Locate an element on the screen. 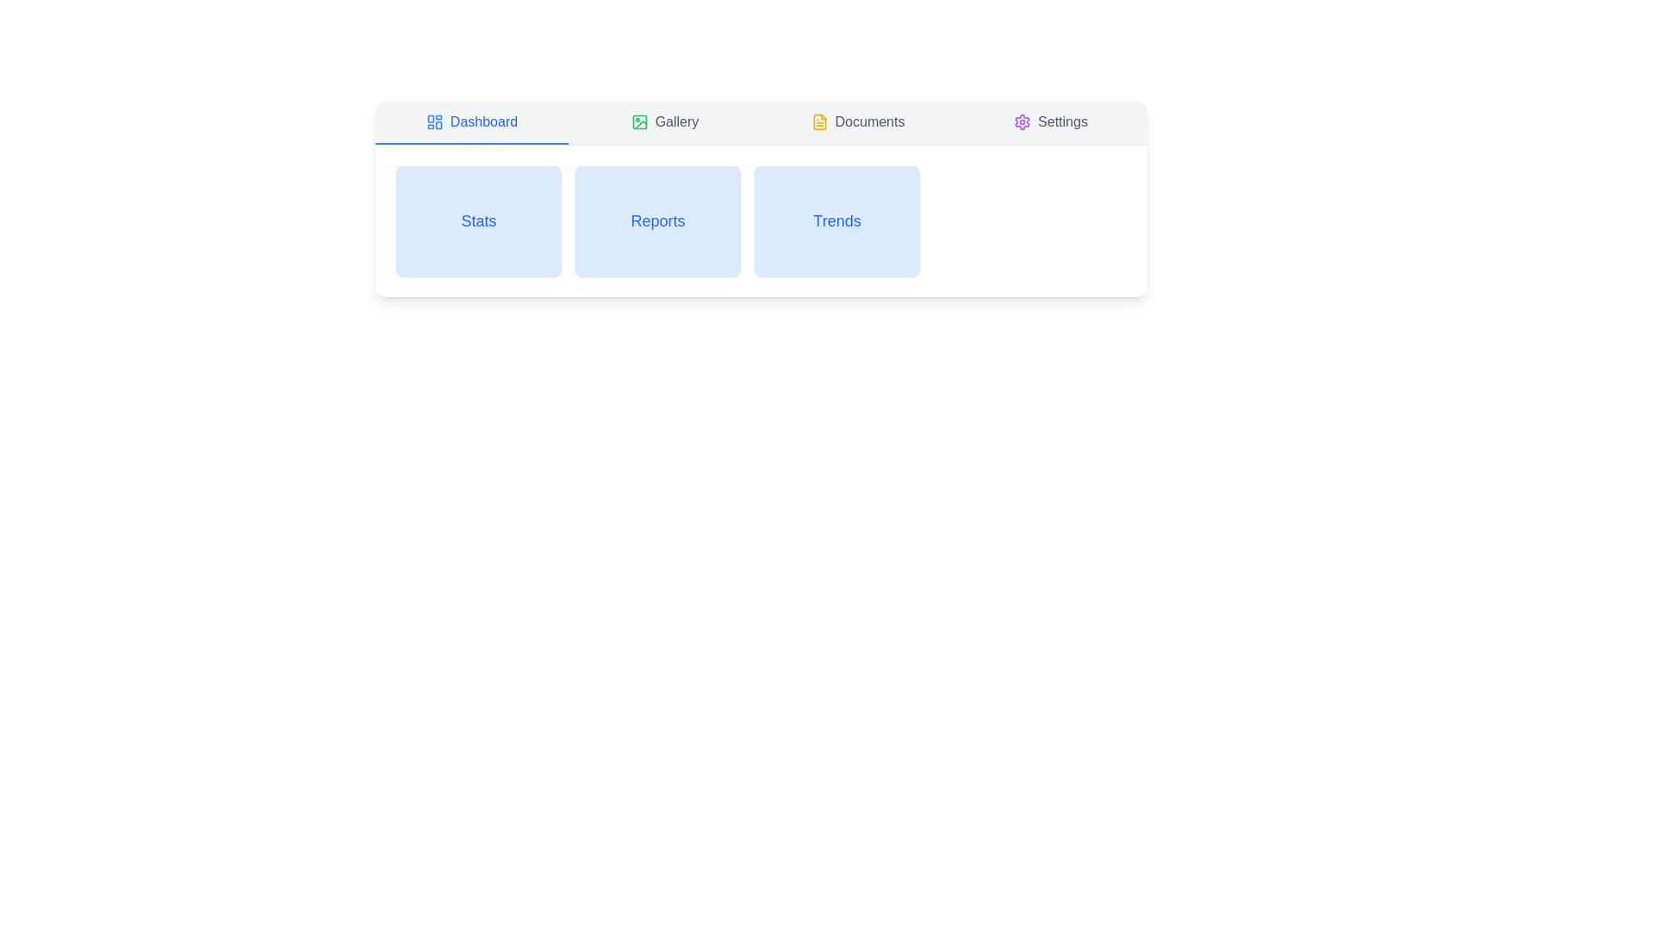 This screenshot has height=930, width=1654. the Navigation tab located at the top left of the interface is located at coordinates (471, 121).